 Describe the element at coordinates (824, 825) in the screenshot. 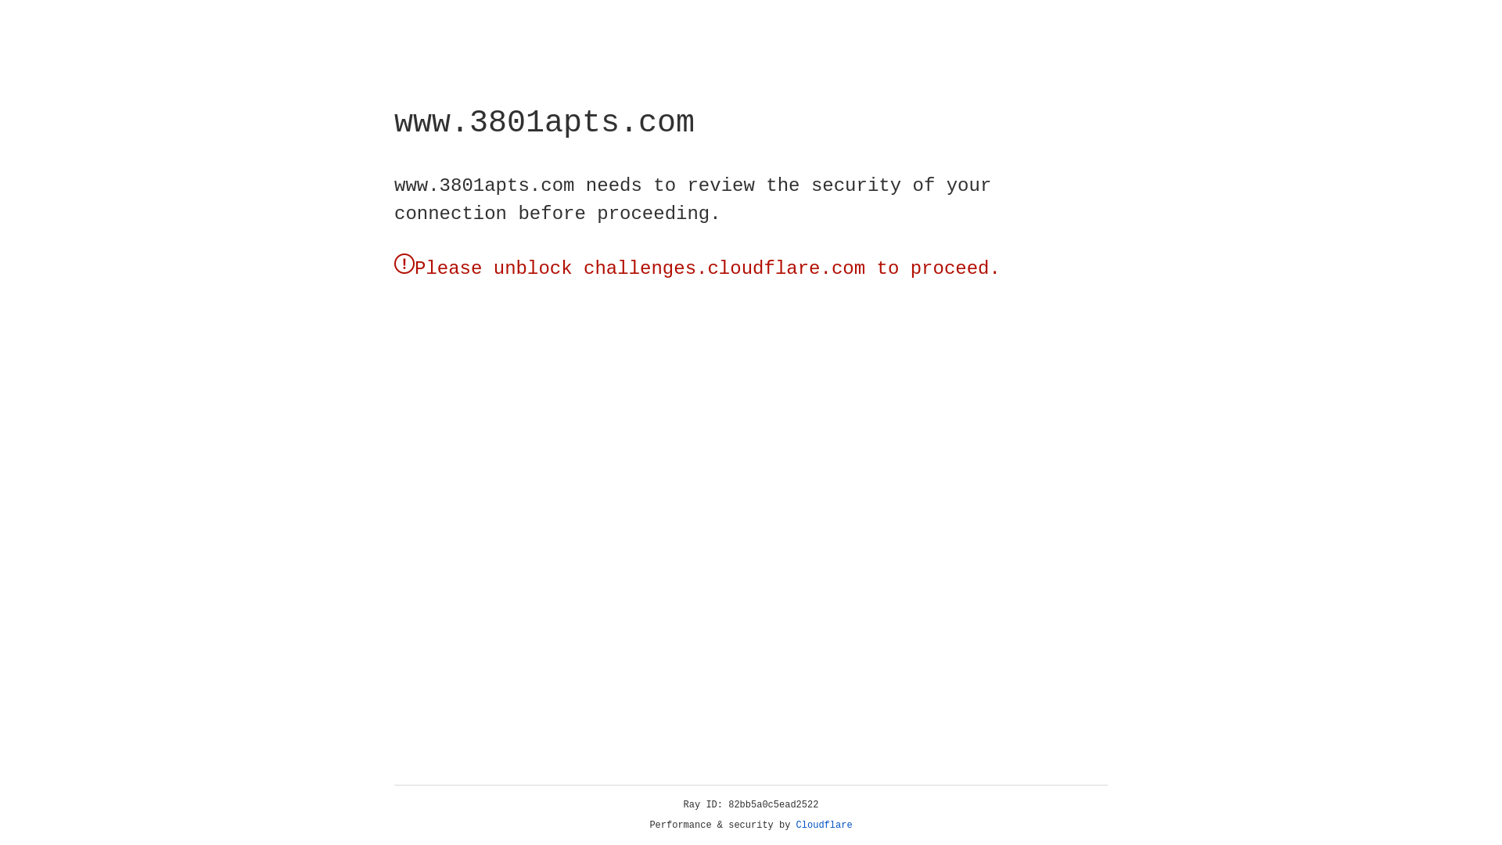

I see `'Cloudflare'` at that location.